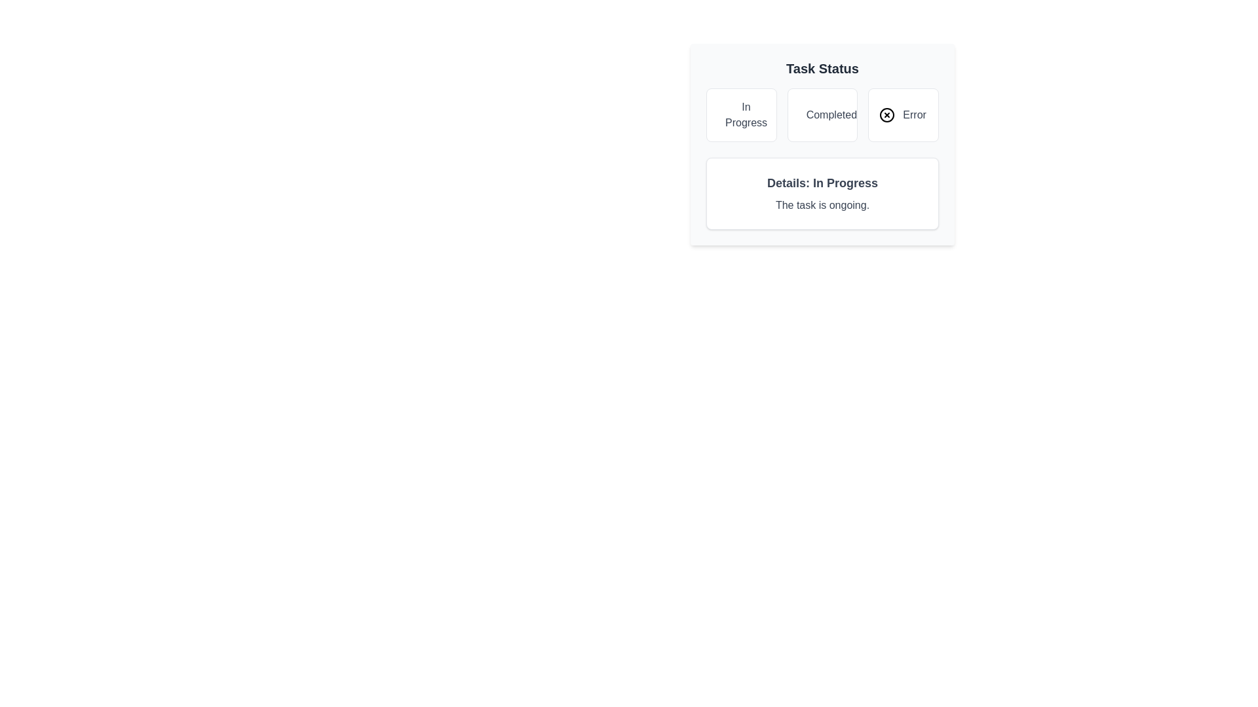 This screenshot has width=1258, height=707. Describe the element at coordinates (822, 115) in the screenshot. I see `the 'Completed' status button, which is a rectangular button with rounded corners, a white background, a green checkmark icon, and medium gray text, positioned centrally in the 'Task Status' section` at that location.